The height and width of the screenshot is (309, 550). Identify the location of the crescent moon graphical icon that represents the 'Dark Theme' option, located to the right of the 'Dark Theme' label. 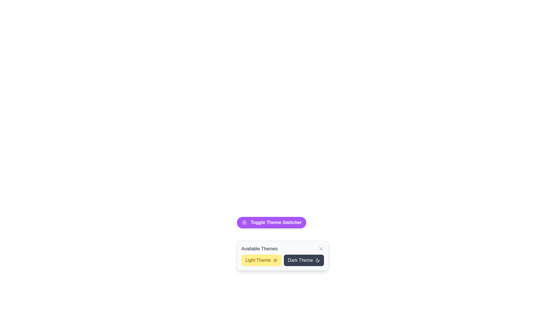
(317, 260).